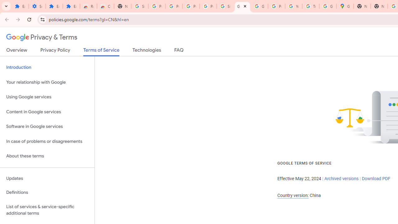  What do you see at coordinates (47, 111) in the screenshot?
I see `'Content in Google services'` at bounding box center [47, 111].